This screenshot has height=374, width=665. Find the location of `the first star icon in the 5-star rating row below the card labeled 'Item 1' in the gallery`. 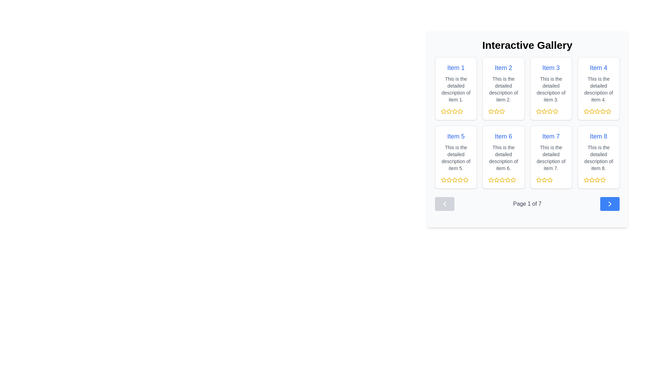

the first star icon in the 5-star rating row below the card labeled 'Item 1' in the gallery is located at coordinates (460, 111).